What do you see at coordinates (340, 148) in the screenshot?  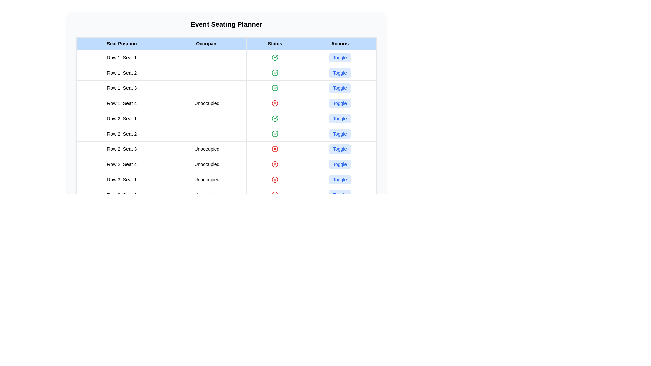 I see `the button related to toggling a state or changing a setting for the 'Row 2, Seat 3' entry in the event seating planner table` at bounding box center [340, 148].